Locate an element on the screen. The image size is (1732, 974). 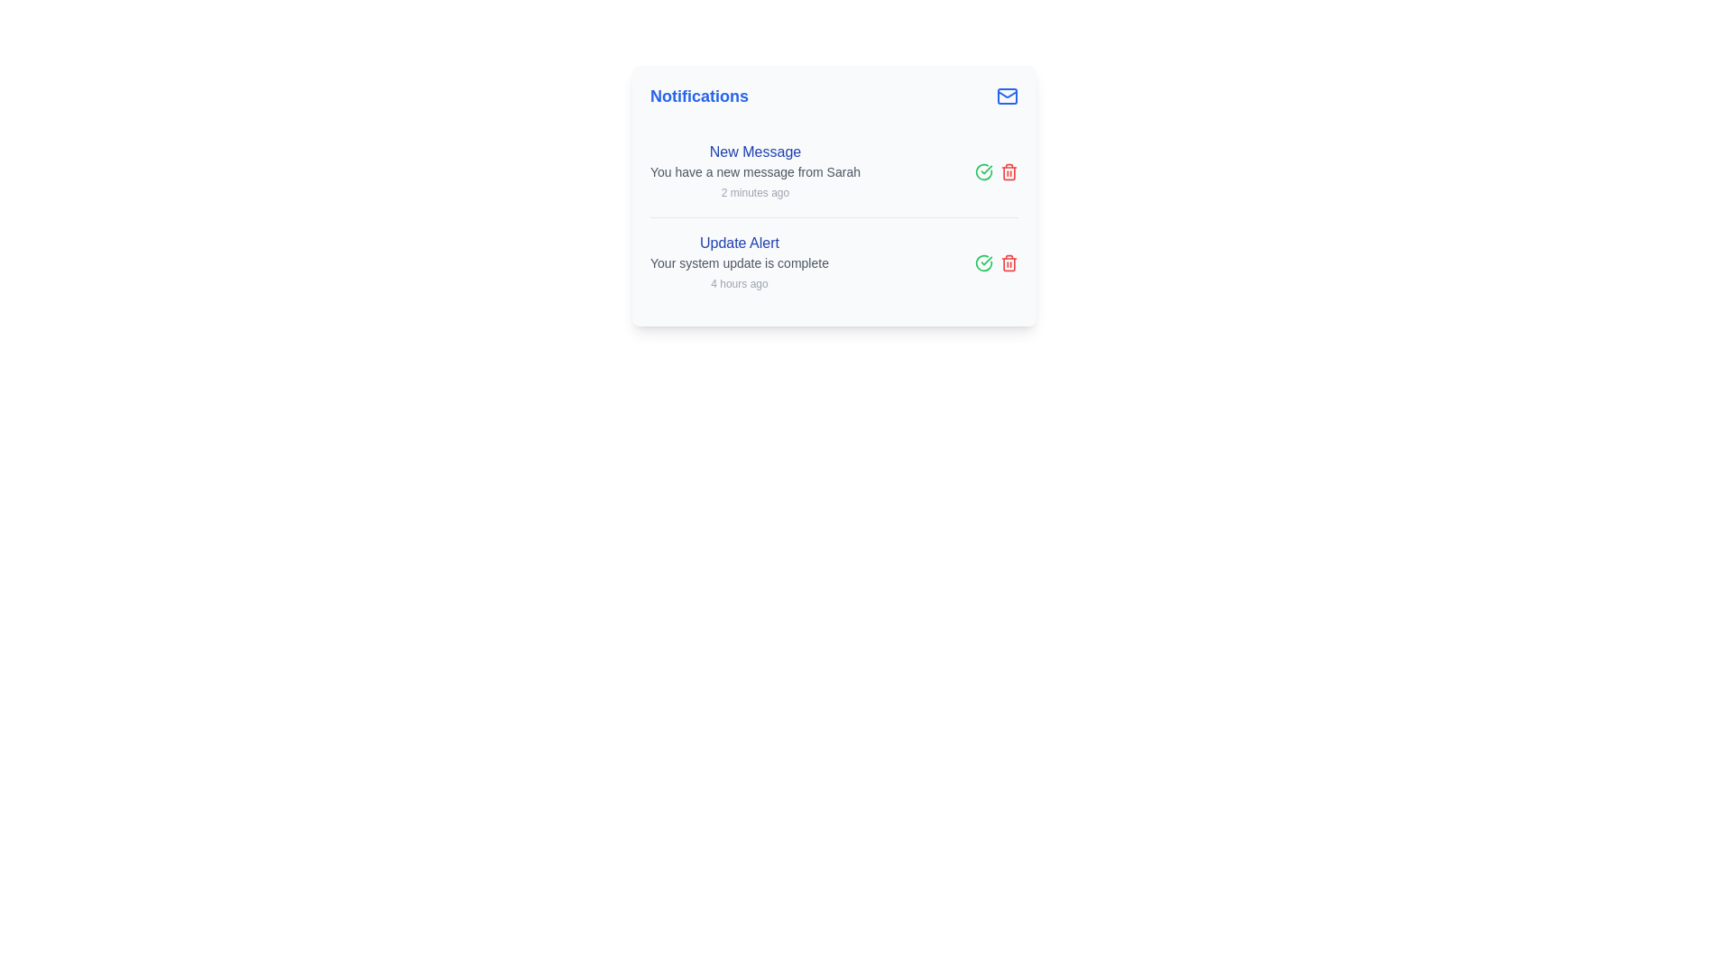
the Notification summary text element, which consists of three lines: 'New Message' in bold blue, 'You have a new message from Sarah' in gray, and '2 minutes ago' in smaller gray text is located at coordinates (755, 172).